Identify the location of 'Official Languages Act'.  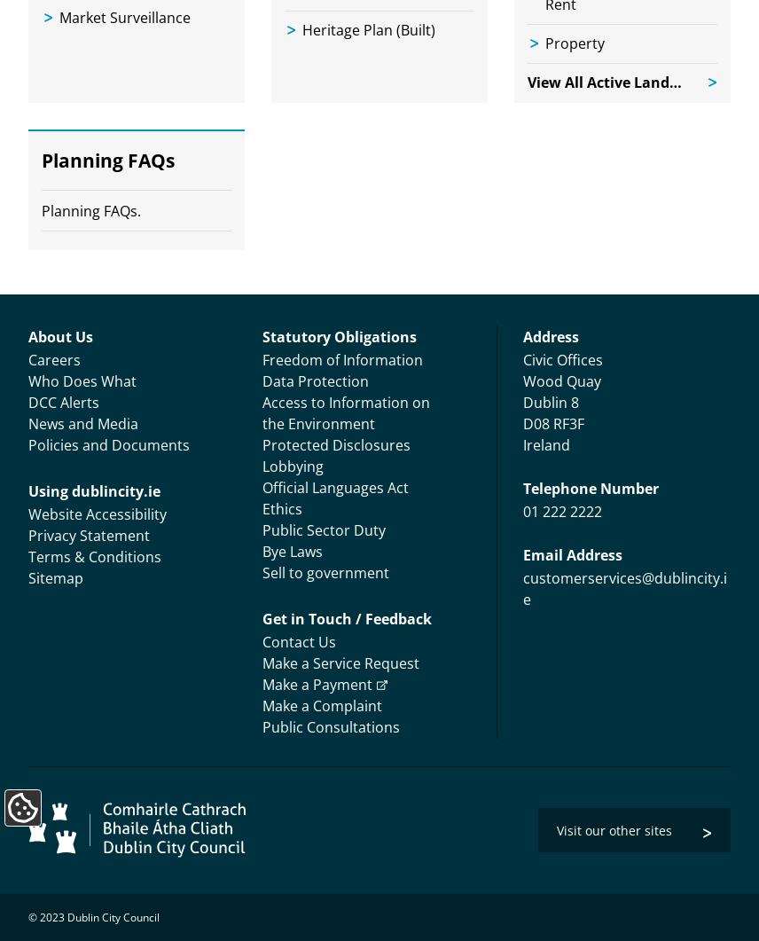
(334, 487).